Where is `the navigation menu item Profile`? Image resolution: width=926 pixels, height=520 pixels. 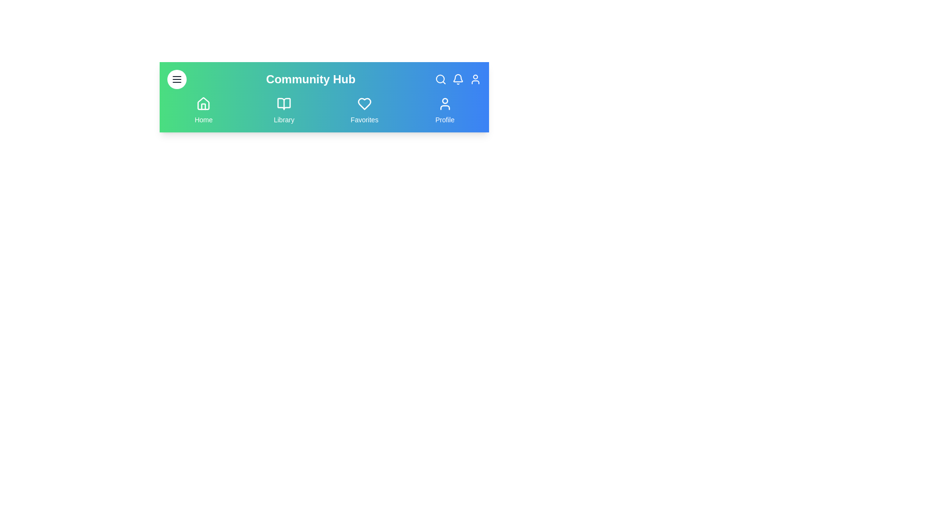 the navigation menu item Profile is located at coordinates (444, 110).